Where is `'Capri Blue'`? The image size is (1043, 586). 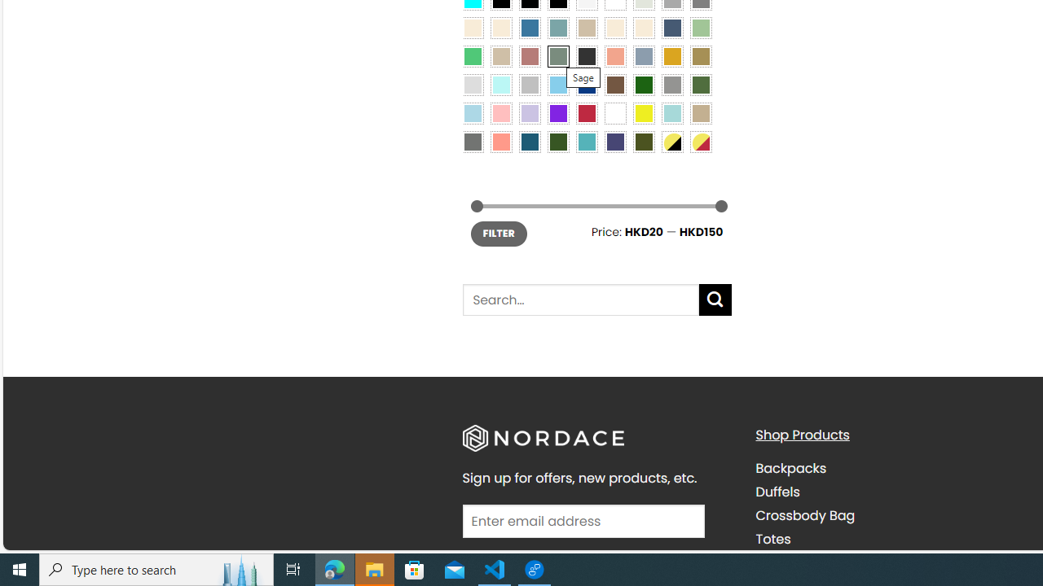 'Capri Blue' is located at coordinates (530, 141).